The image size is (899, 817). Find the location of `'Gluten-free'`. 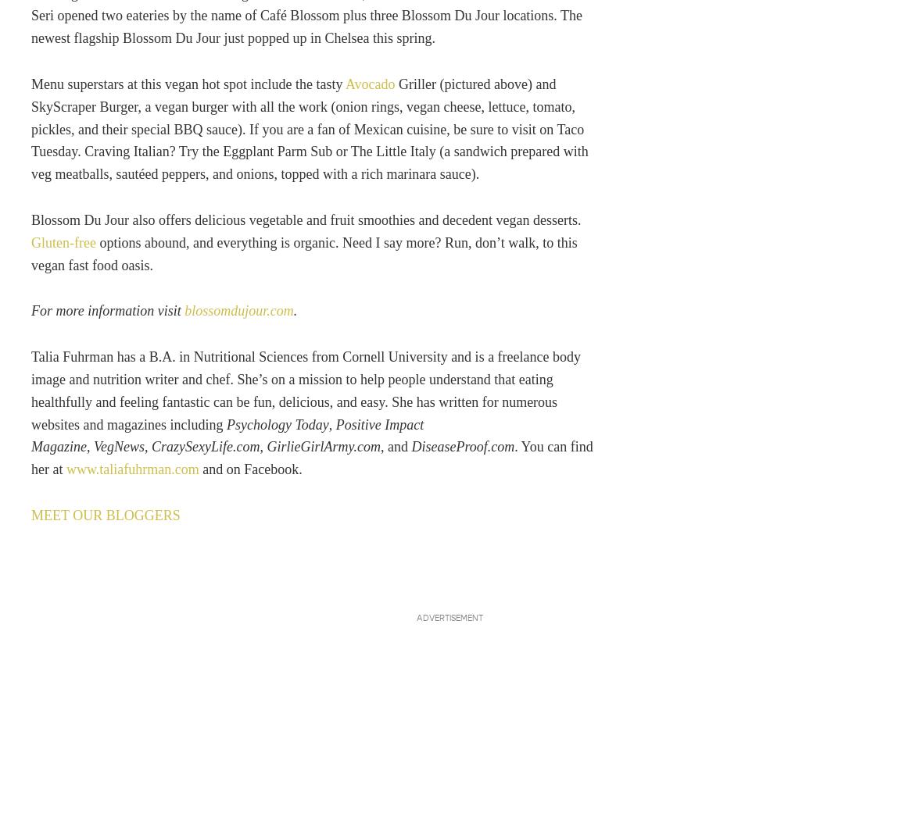

'Gluten-free' is located at coordinates (64, 242).